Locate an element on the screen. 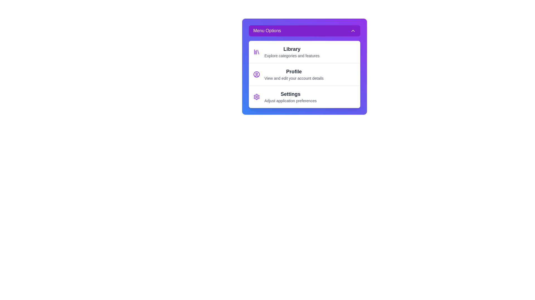  the rightmost vertical line of the purple library icon, which is the first icon in the list, located to the left of the text 'Library' is located at coordinates (258, 52).